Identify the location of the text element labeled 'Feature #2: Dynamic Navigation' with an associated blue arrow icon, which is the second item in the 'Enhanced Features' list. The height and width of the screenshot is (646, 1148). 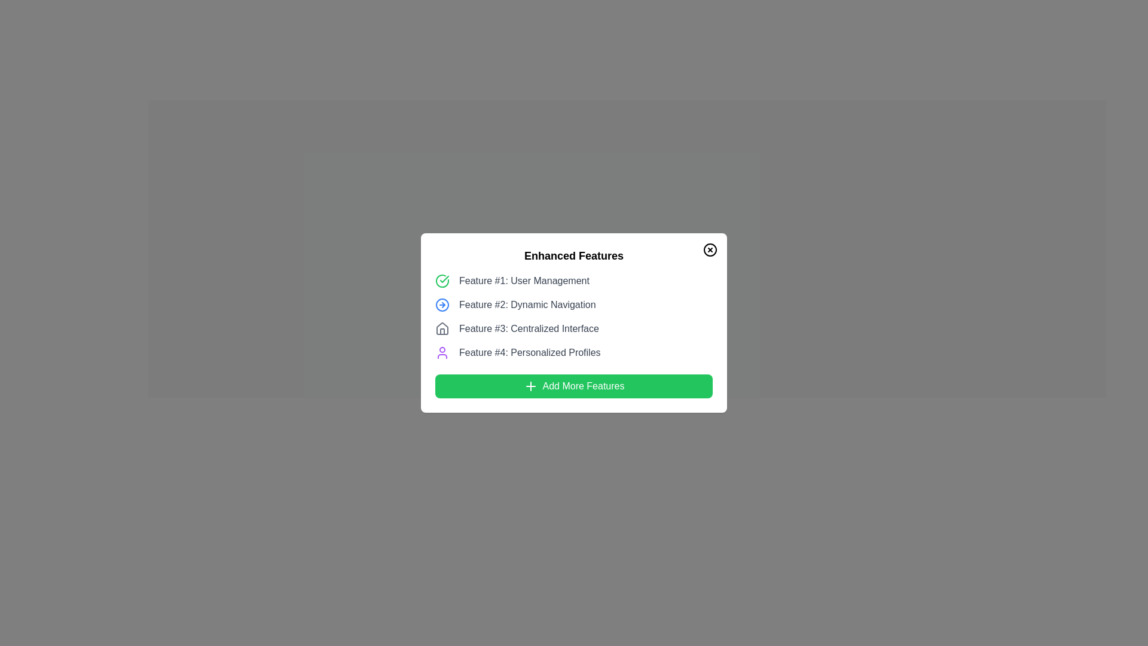
(574, 304).